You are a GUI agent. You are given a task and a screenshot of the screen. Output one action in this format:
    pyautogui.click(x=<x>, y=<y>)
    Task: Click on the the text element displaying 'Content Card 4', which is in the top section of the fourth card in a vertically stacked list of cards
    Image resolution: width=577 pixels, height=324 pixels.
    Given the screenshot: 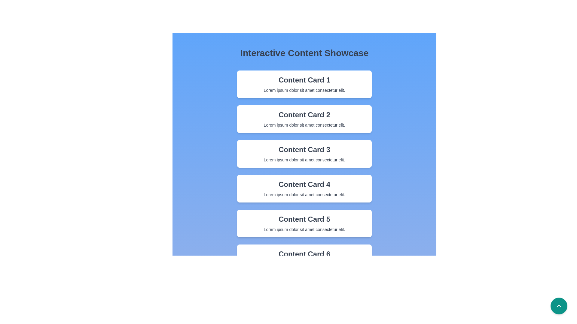 What is the action you would take?
    pyautogui.click(x=304, y=184)
    